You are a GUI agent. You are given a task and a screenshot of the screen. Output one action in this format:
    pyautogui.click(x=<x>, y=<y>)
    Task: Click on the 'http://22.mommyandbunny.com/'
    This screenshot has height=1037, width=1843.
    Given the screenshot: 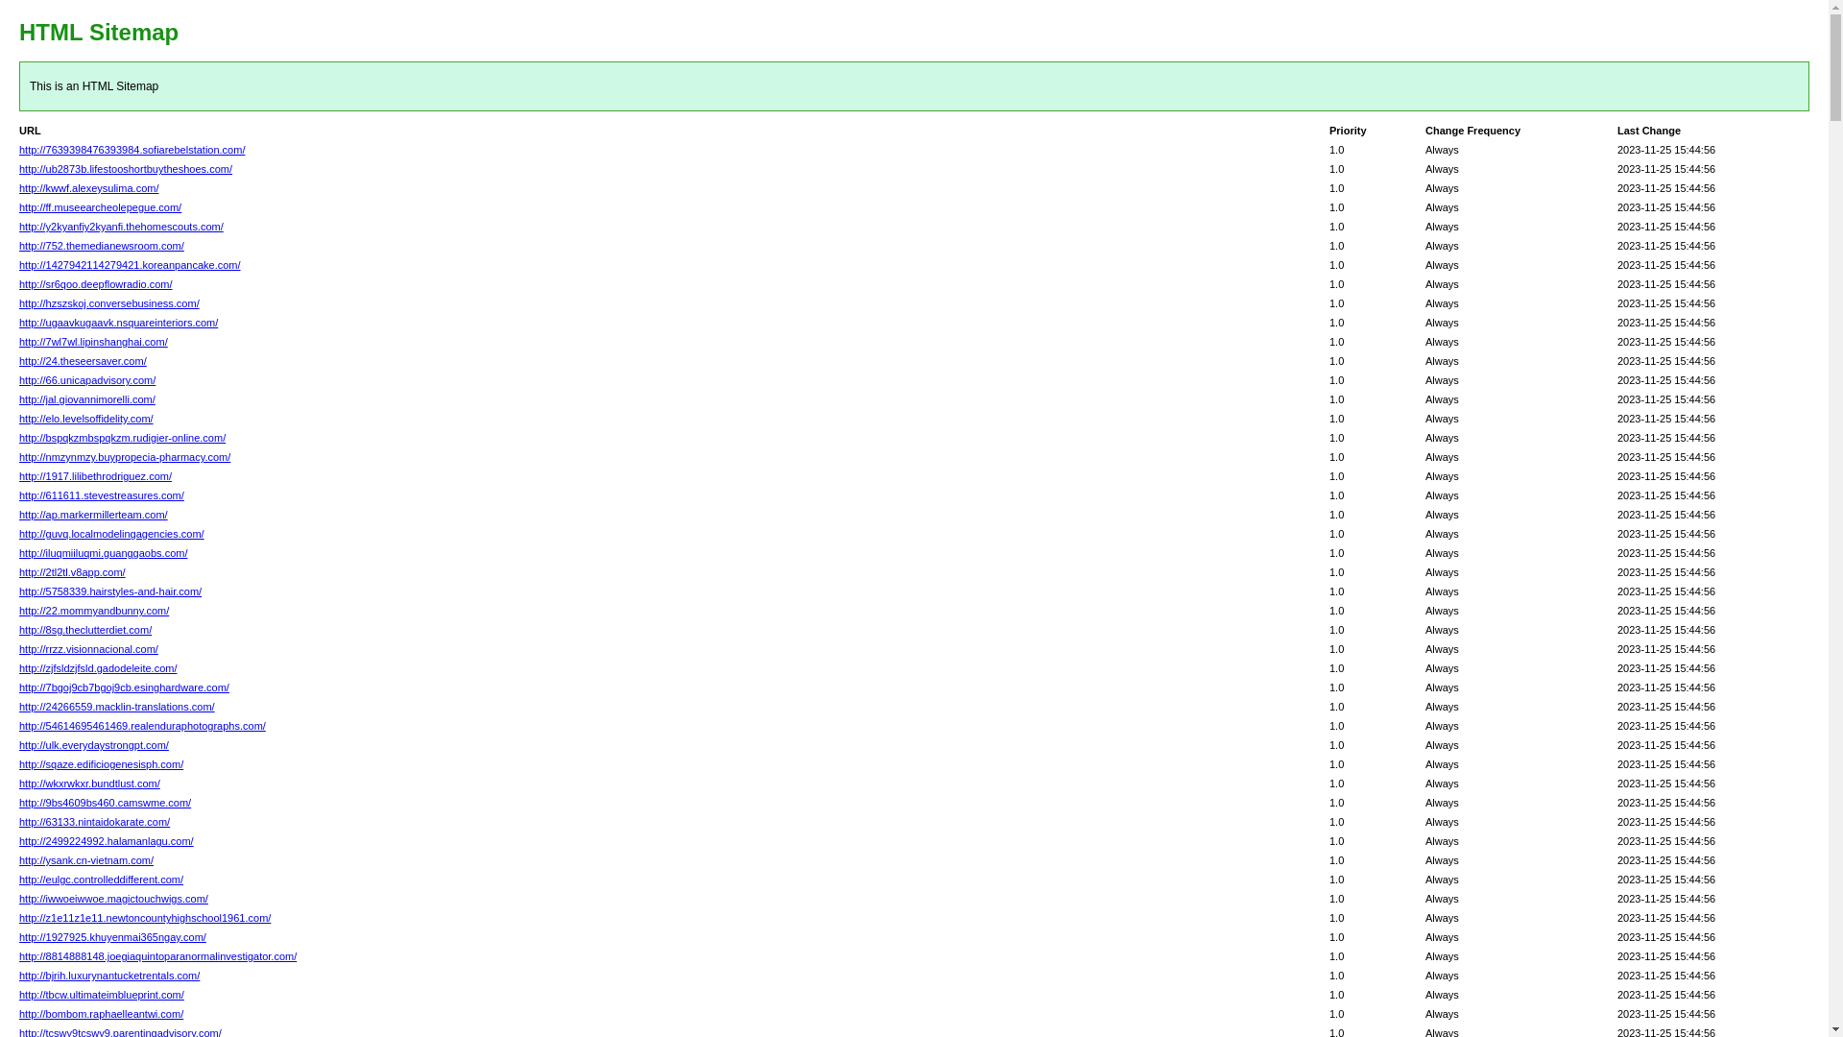 What is the action you would take?
    pyautogui.click(x=18, y=611)
    